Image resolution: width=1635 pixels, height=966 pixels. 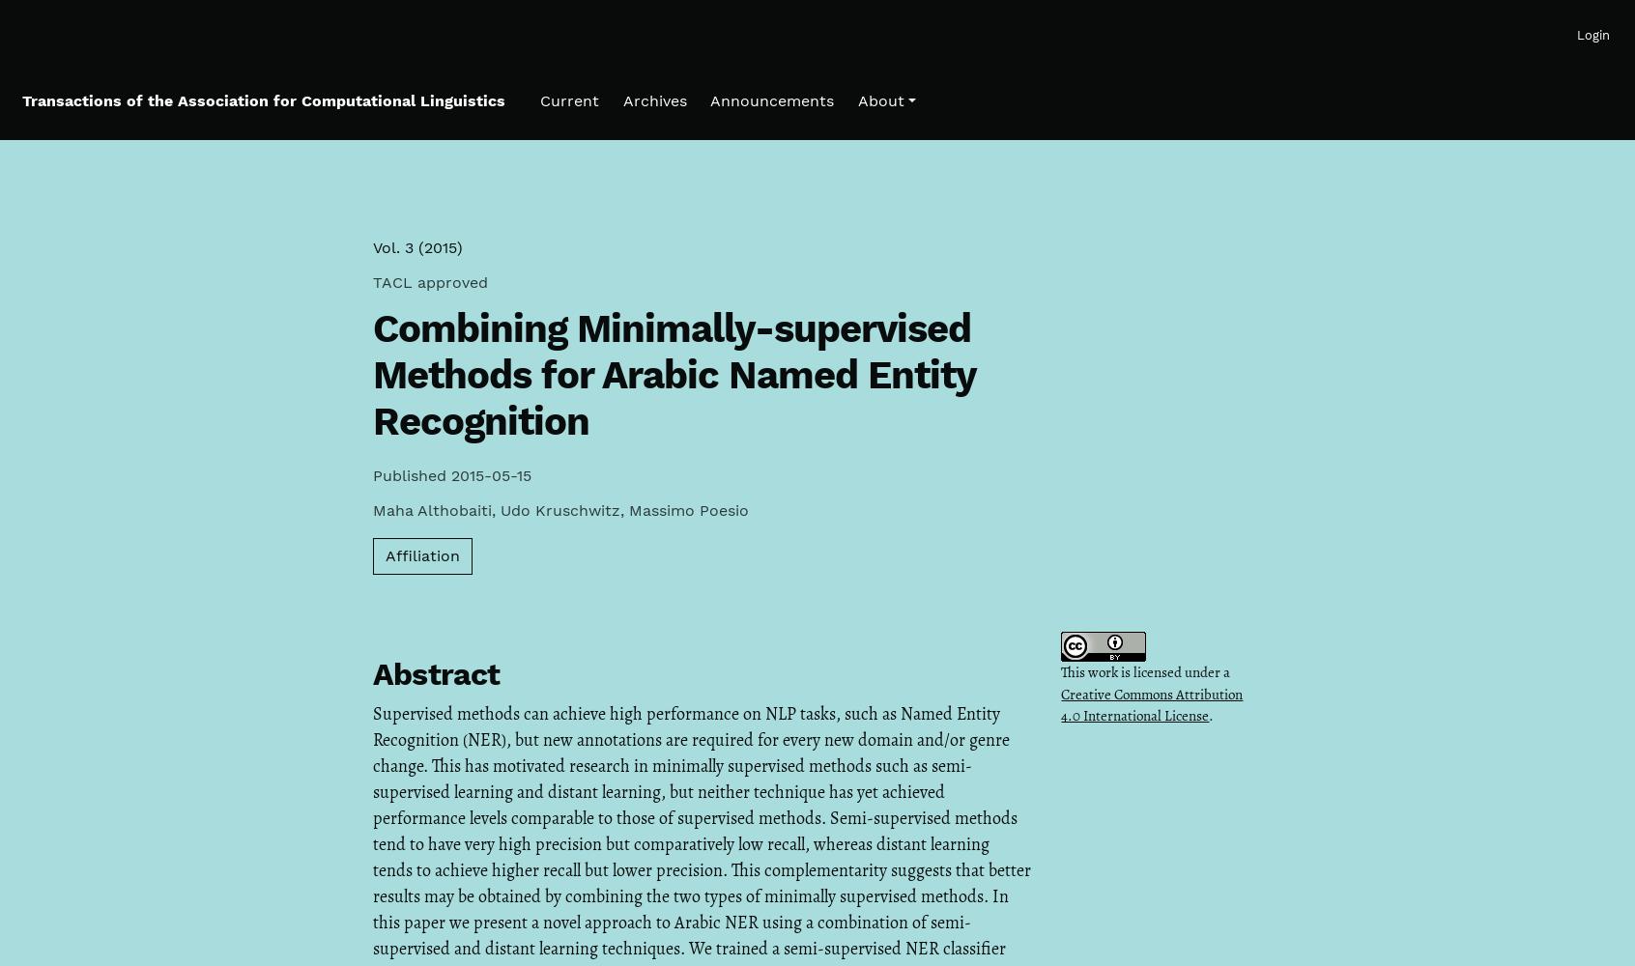 I want to click on 'Archives', so click(x=621, y=99).